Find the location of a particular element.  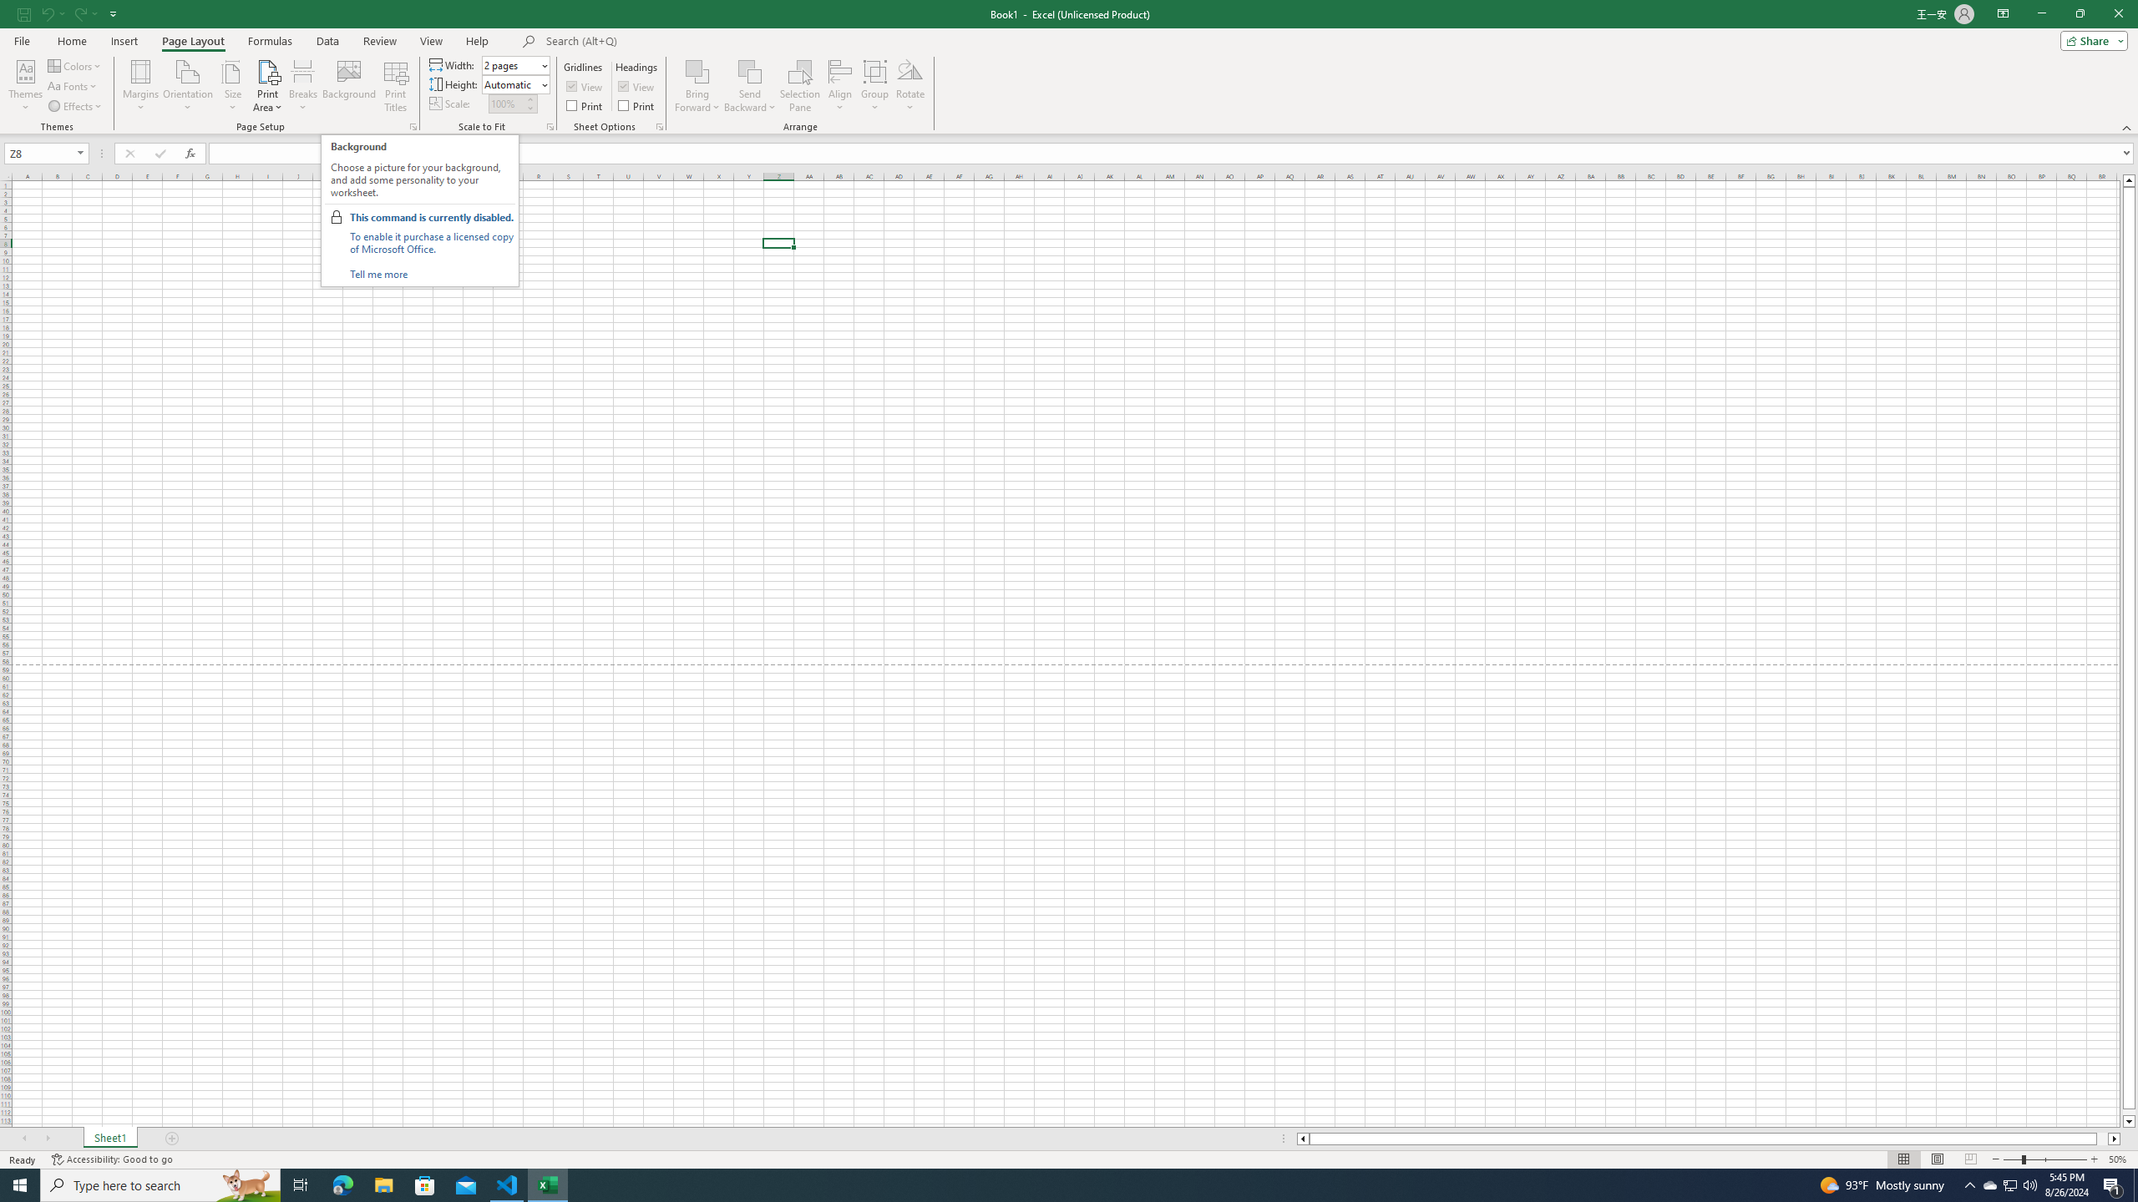

'Width' is located at coordinates (514, 64).